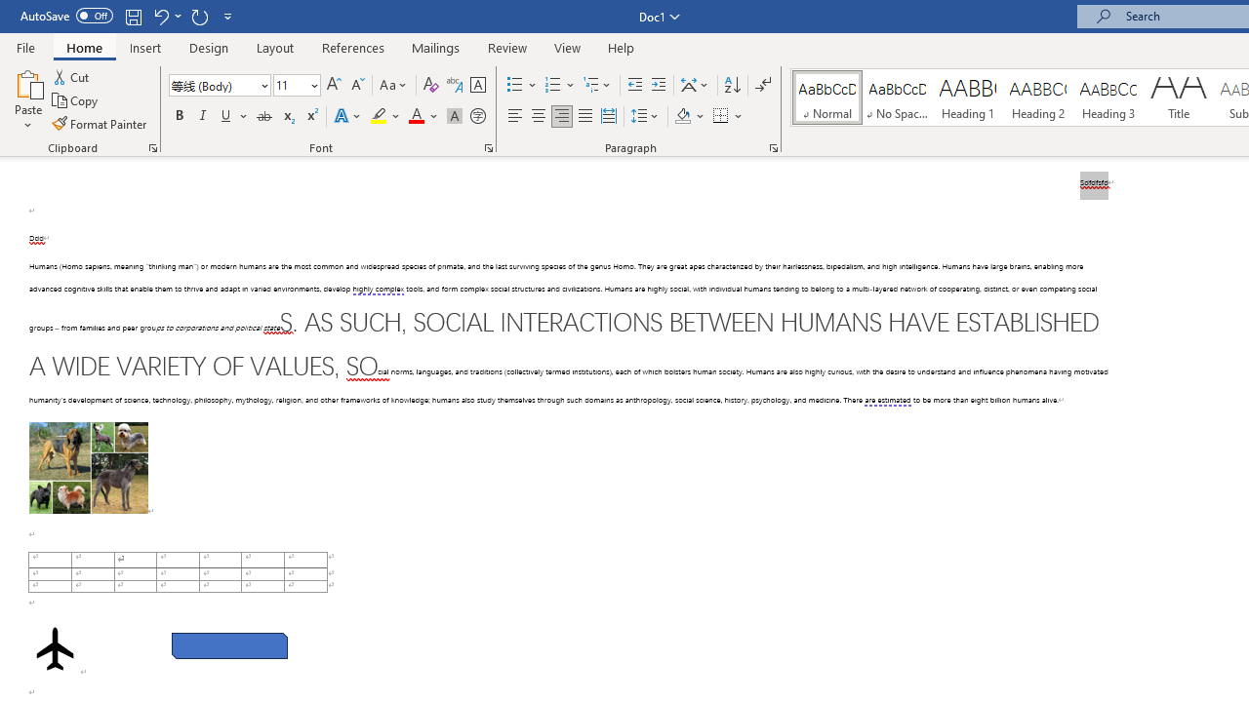  I want to click on 'Rectangle: Diagonal Corners Snipped 2', so click(229, 645).